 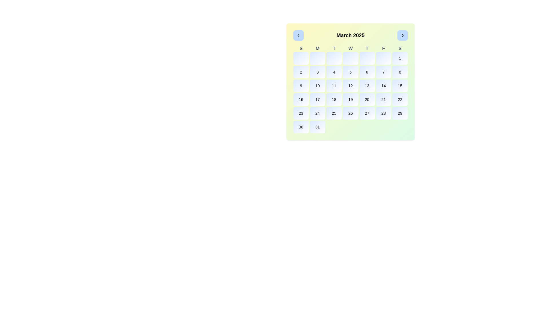 I want to click on the navigation button located in the top-left corner of the calendar interface, so click(x=298, y=35).